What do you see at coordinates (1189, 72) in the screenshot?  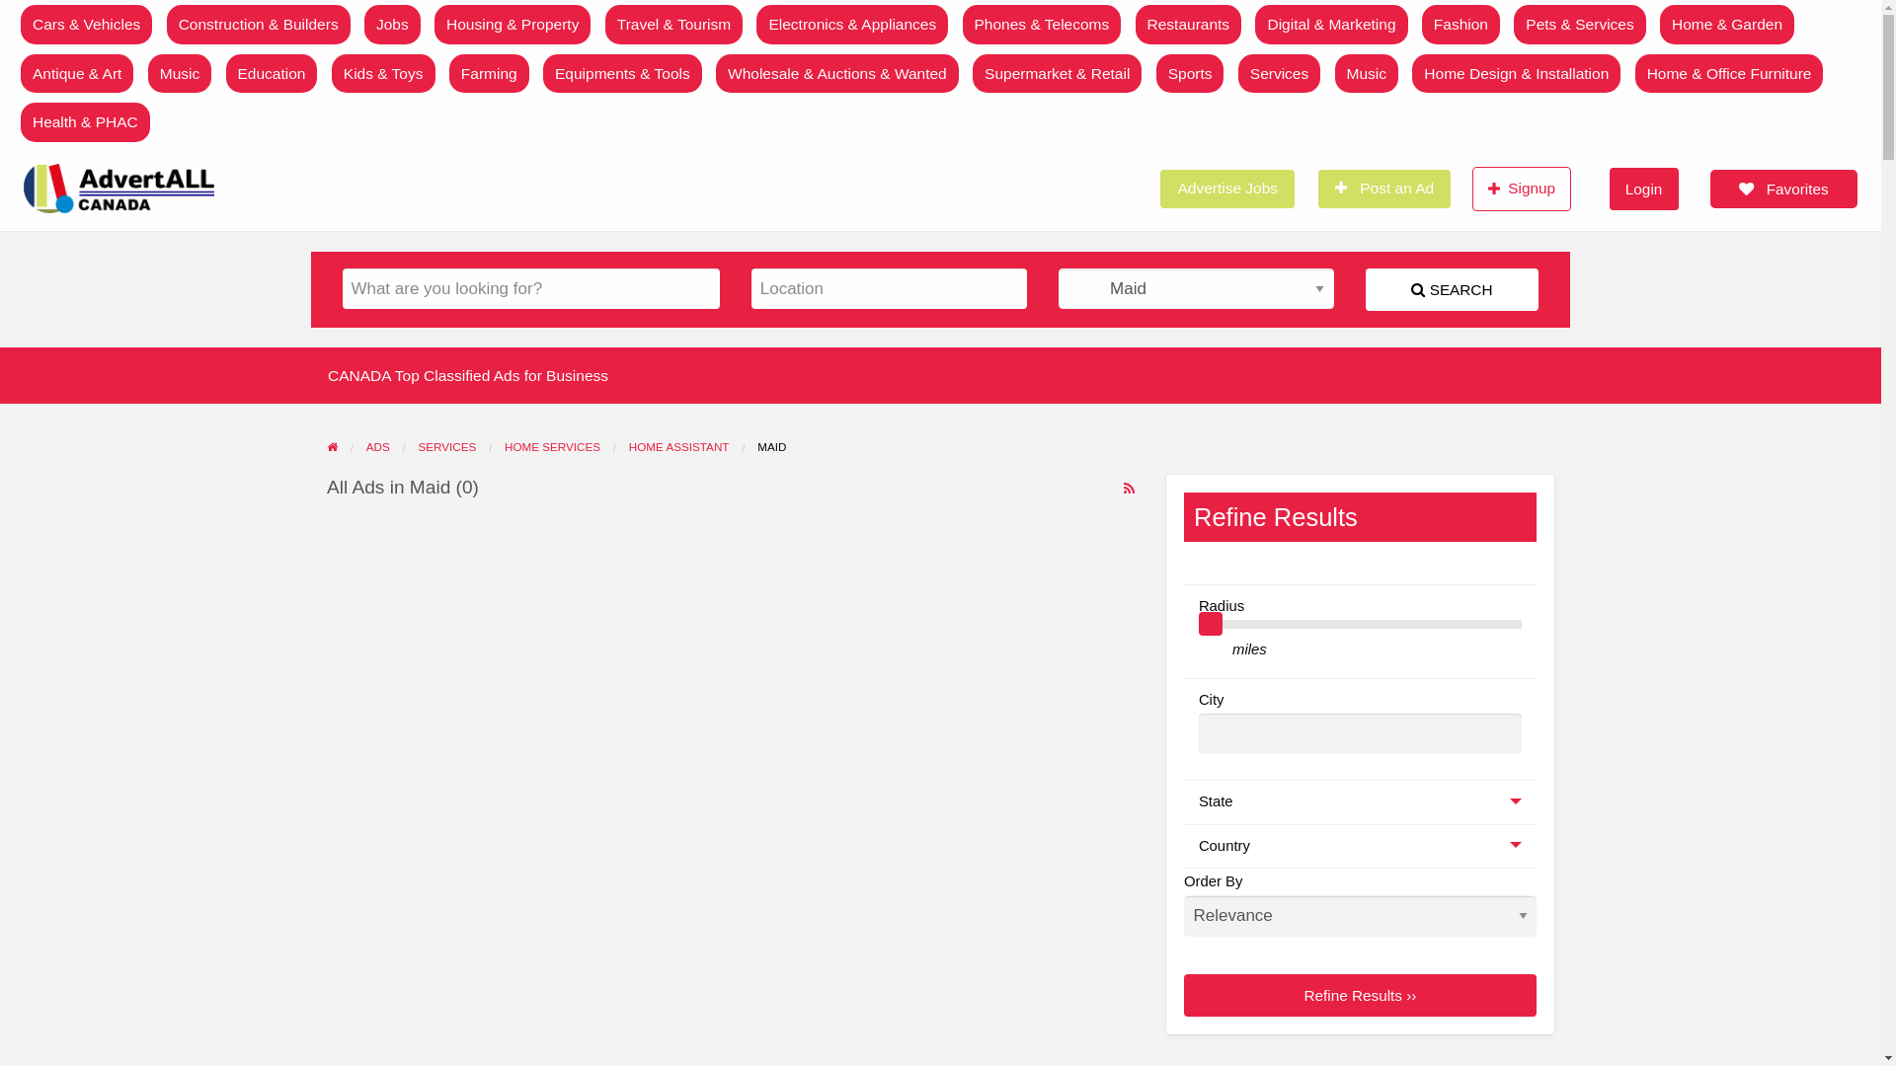 I see `'Sports'` at bounding box center [1189, 72].